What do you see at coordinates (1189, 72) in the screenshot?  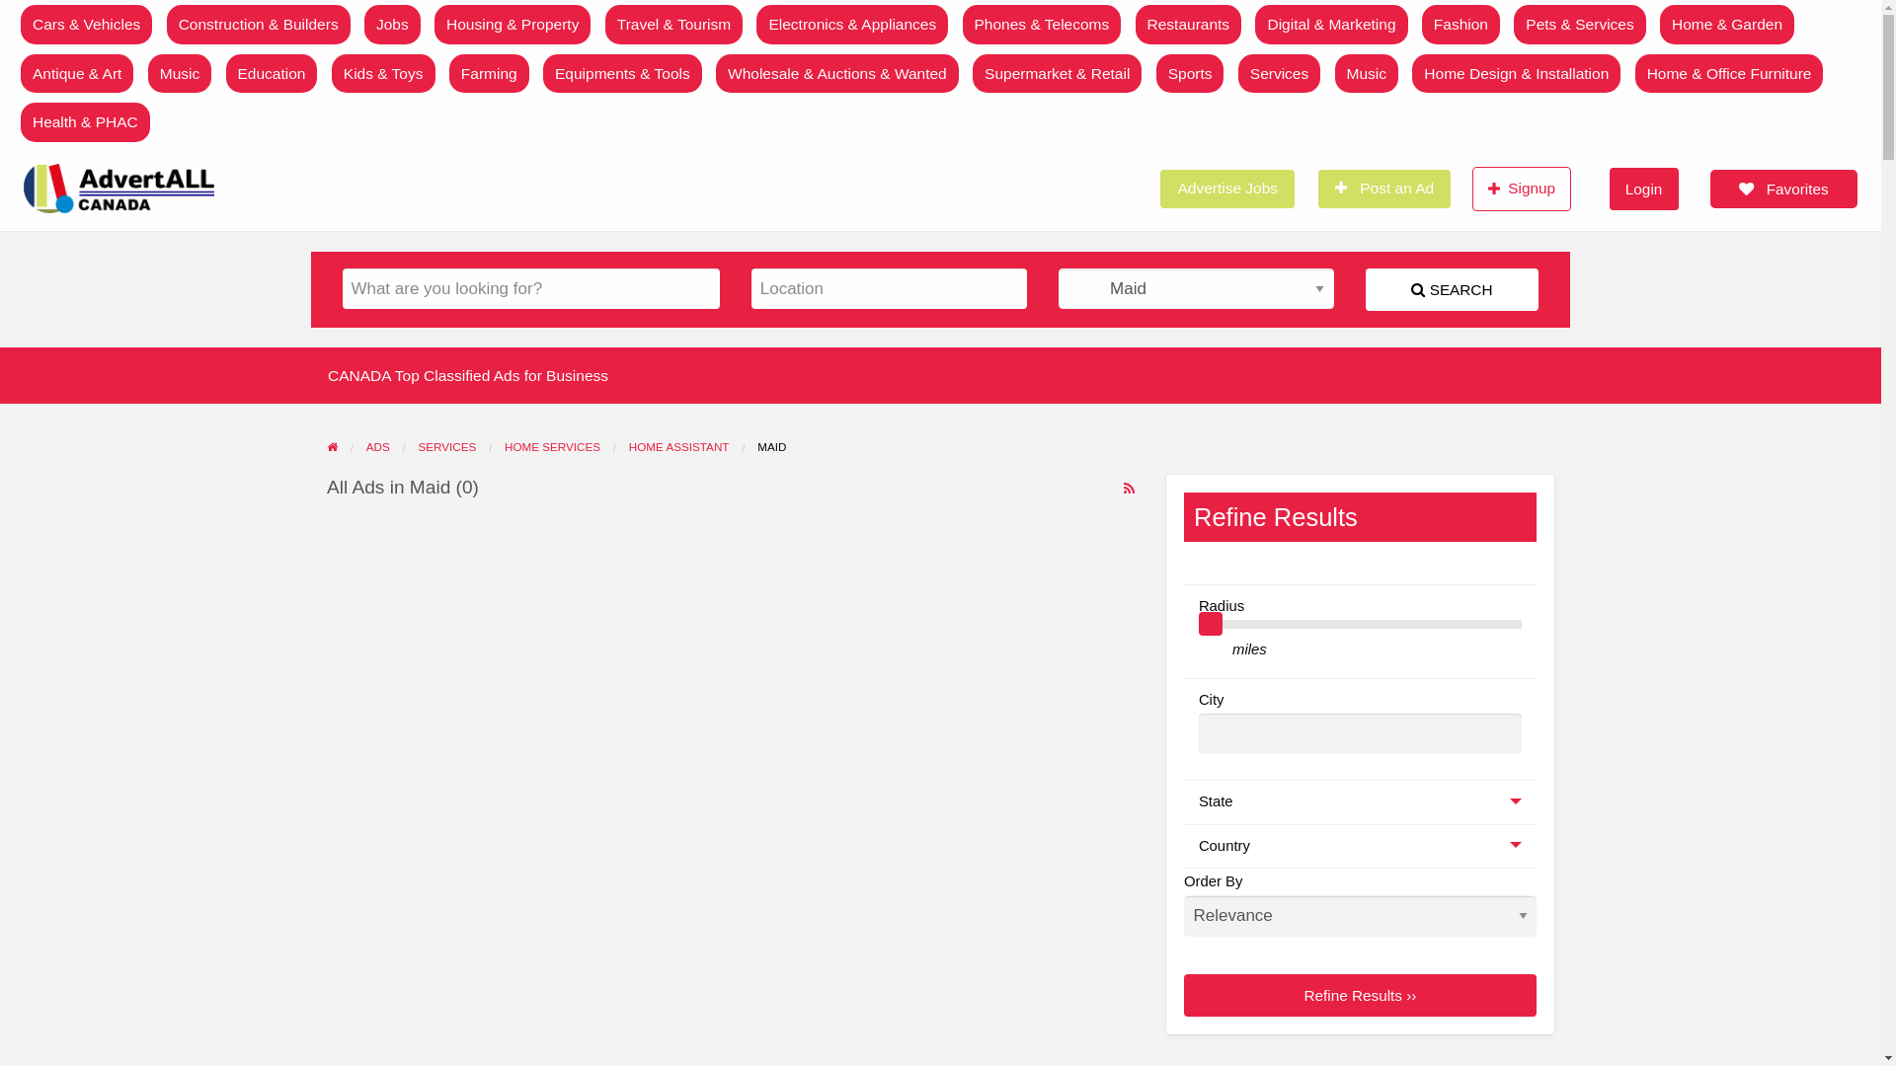 I see `'Sports'` at bounding box center [1189, 72].